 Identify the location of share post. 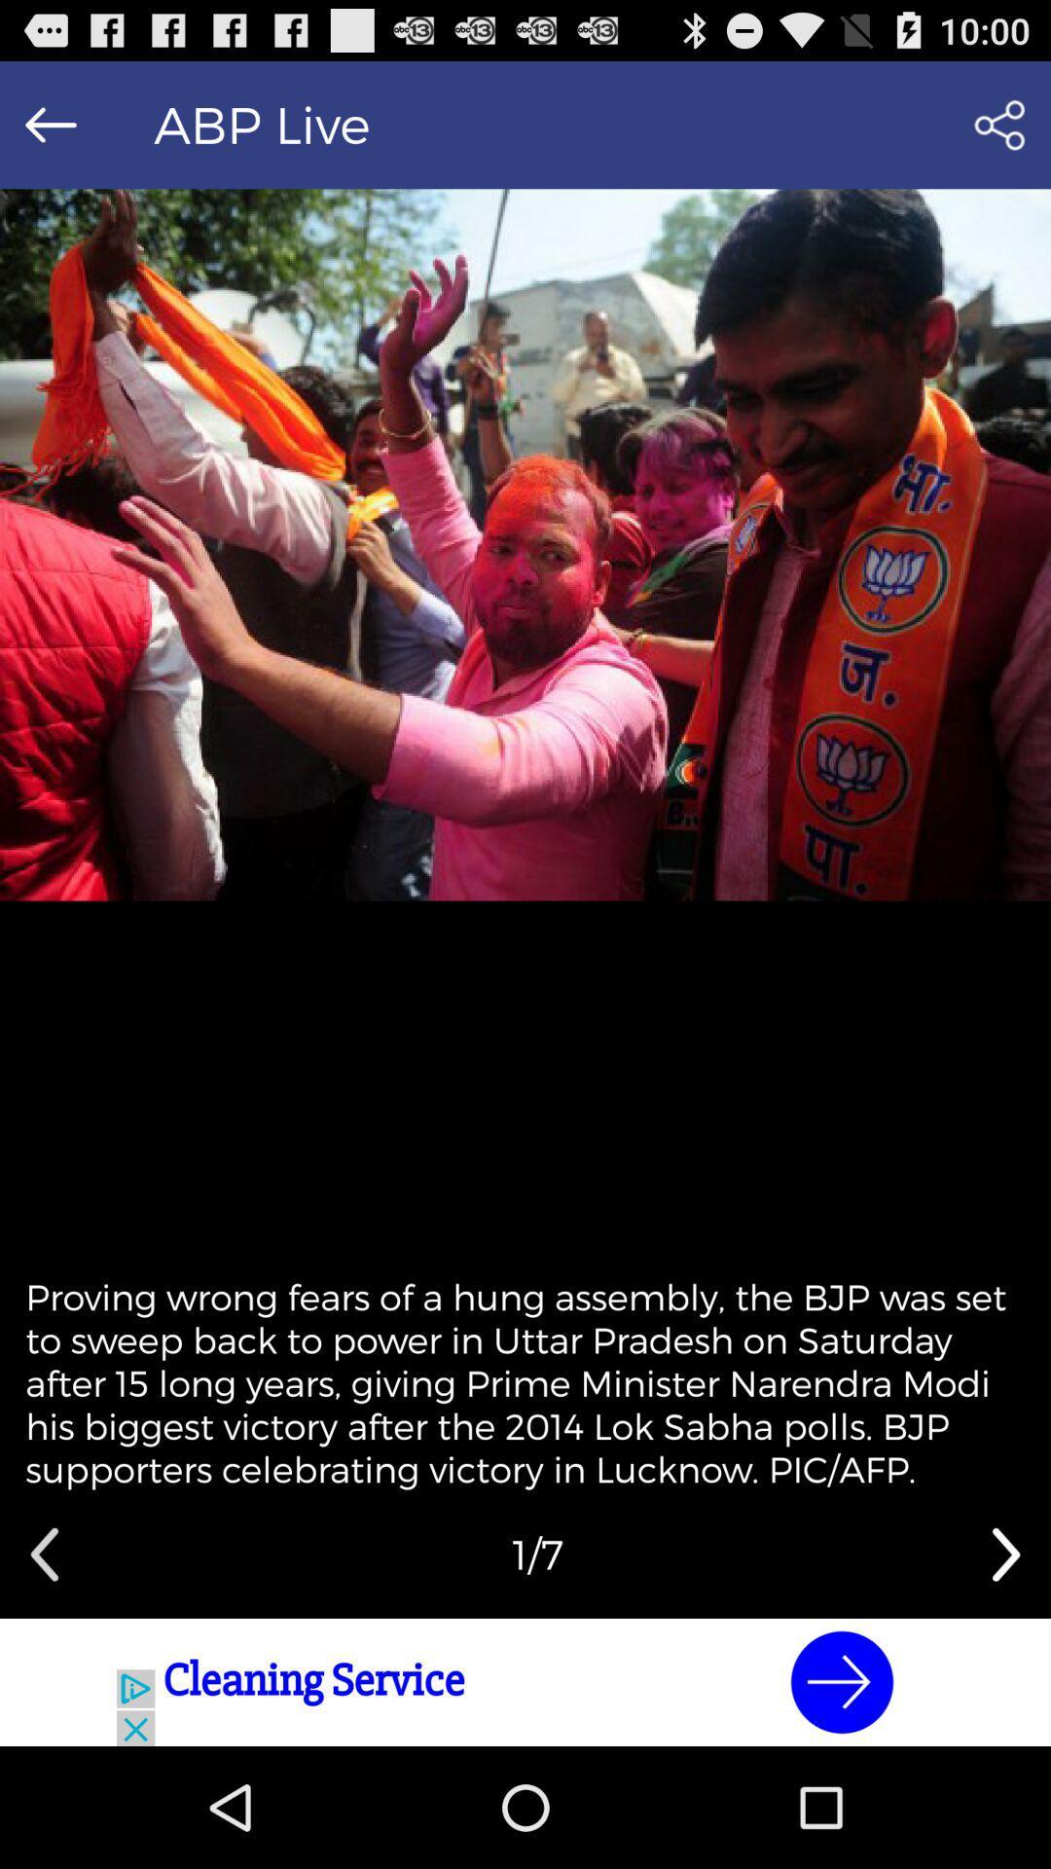
(999, 124).